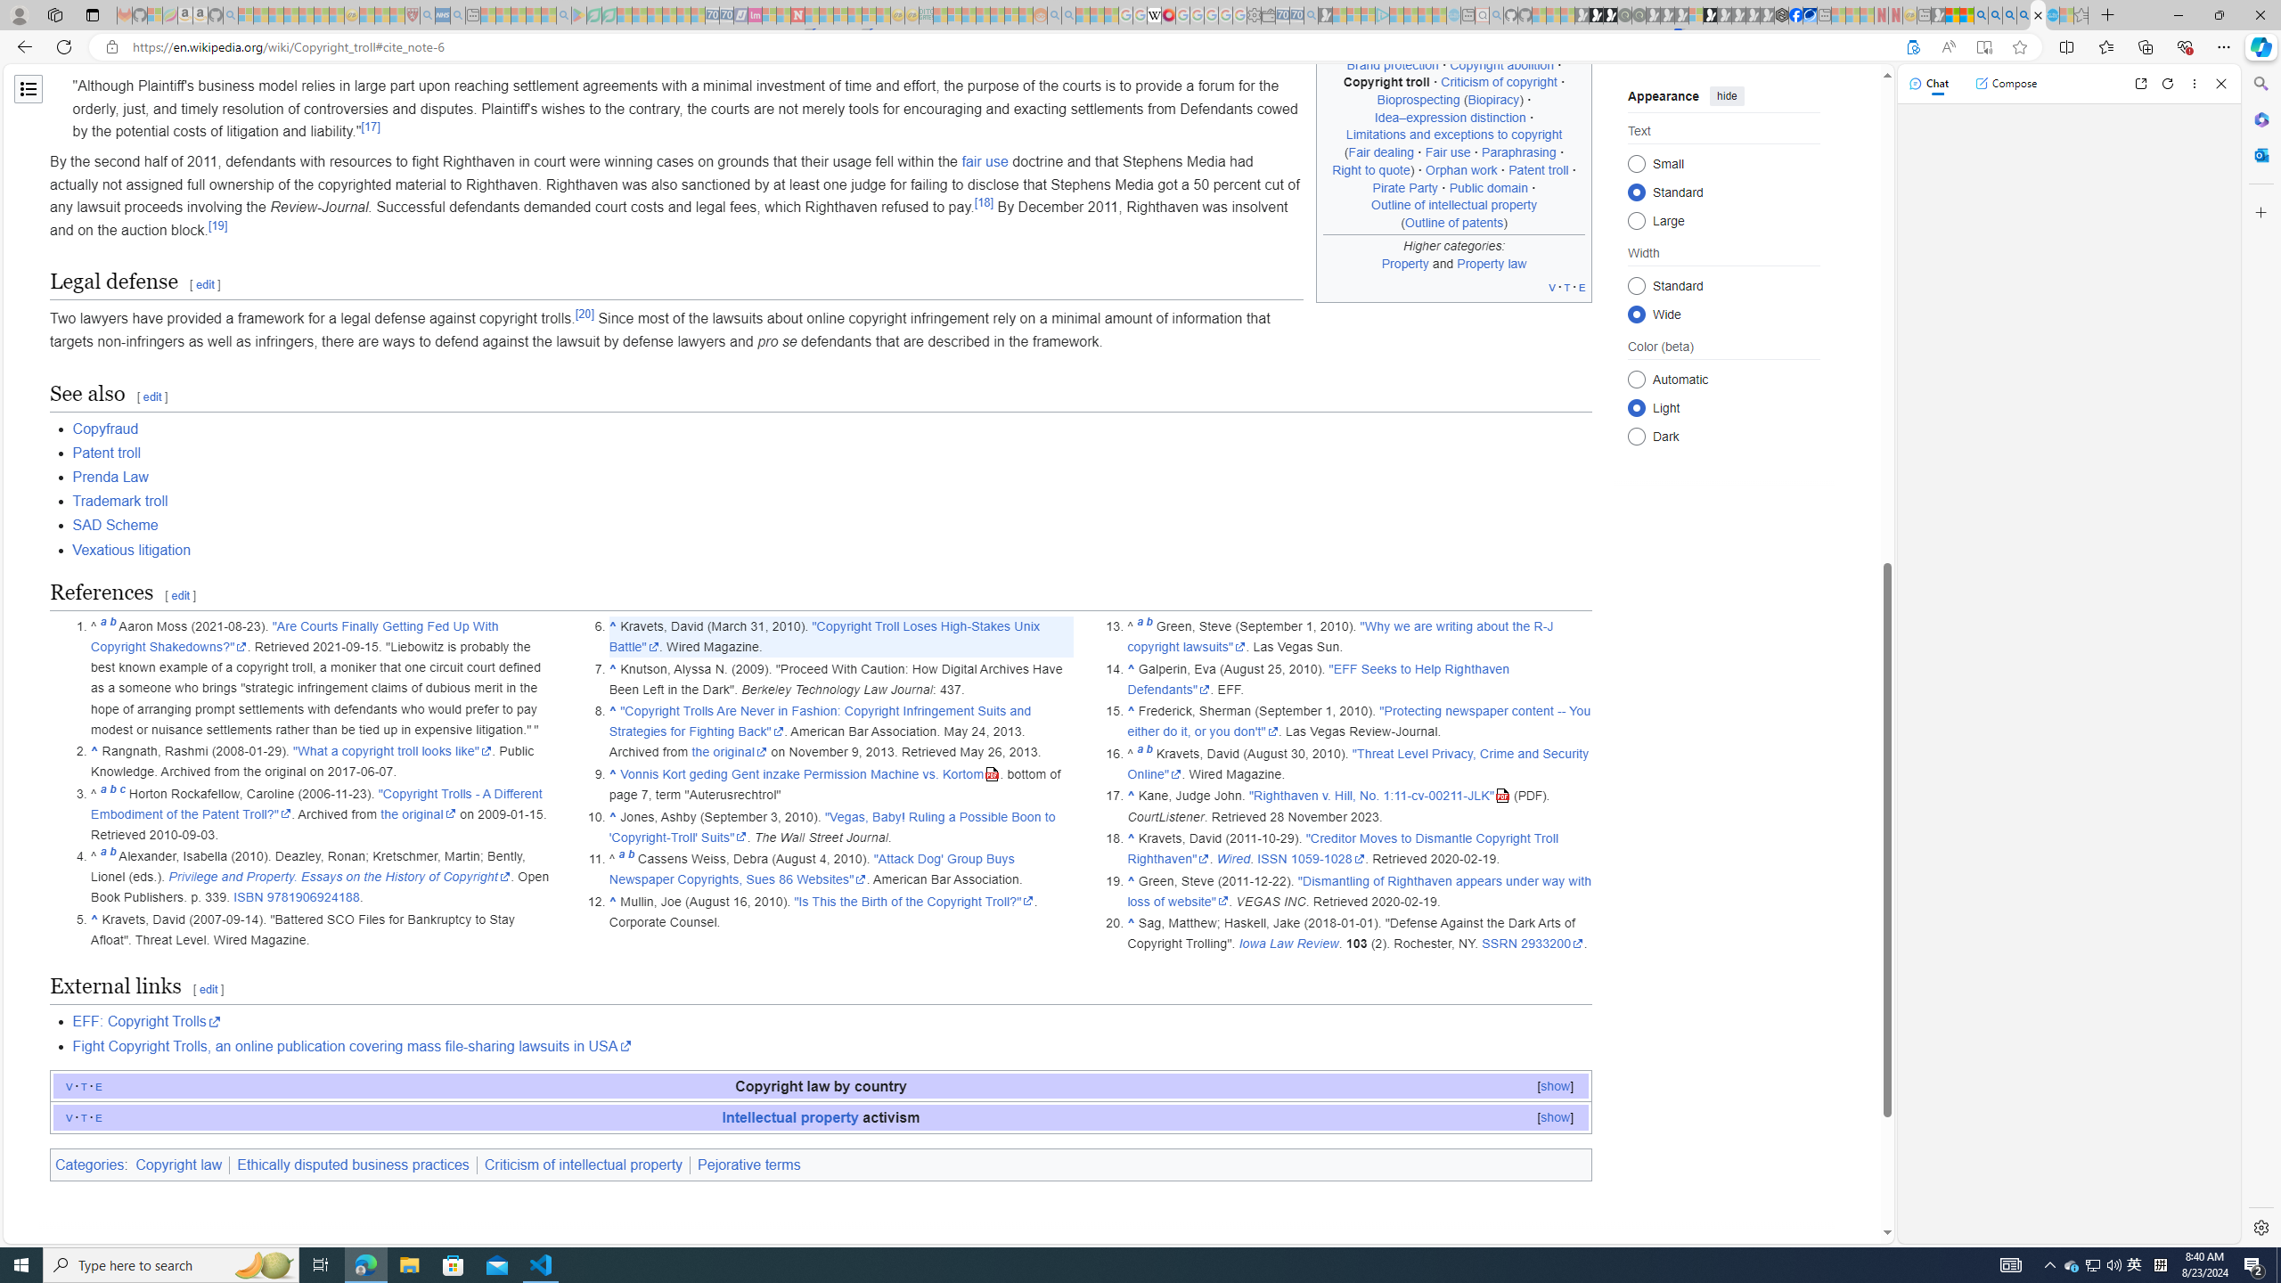  I want to click on 'Criticism of copyright', so click(1500, 81).